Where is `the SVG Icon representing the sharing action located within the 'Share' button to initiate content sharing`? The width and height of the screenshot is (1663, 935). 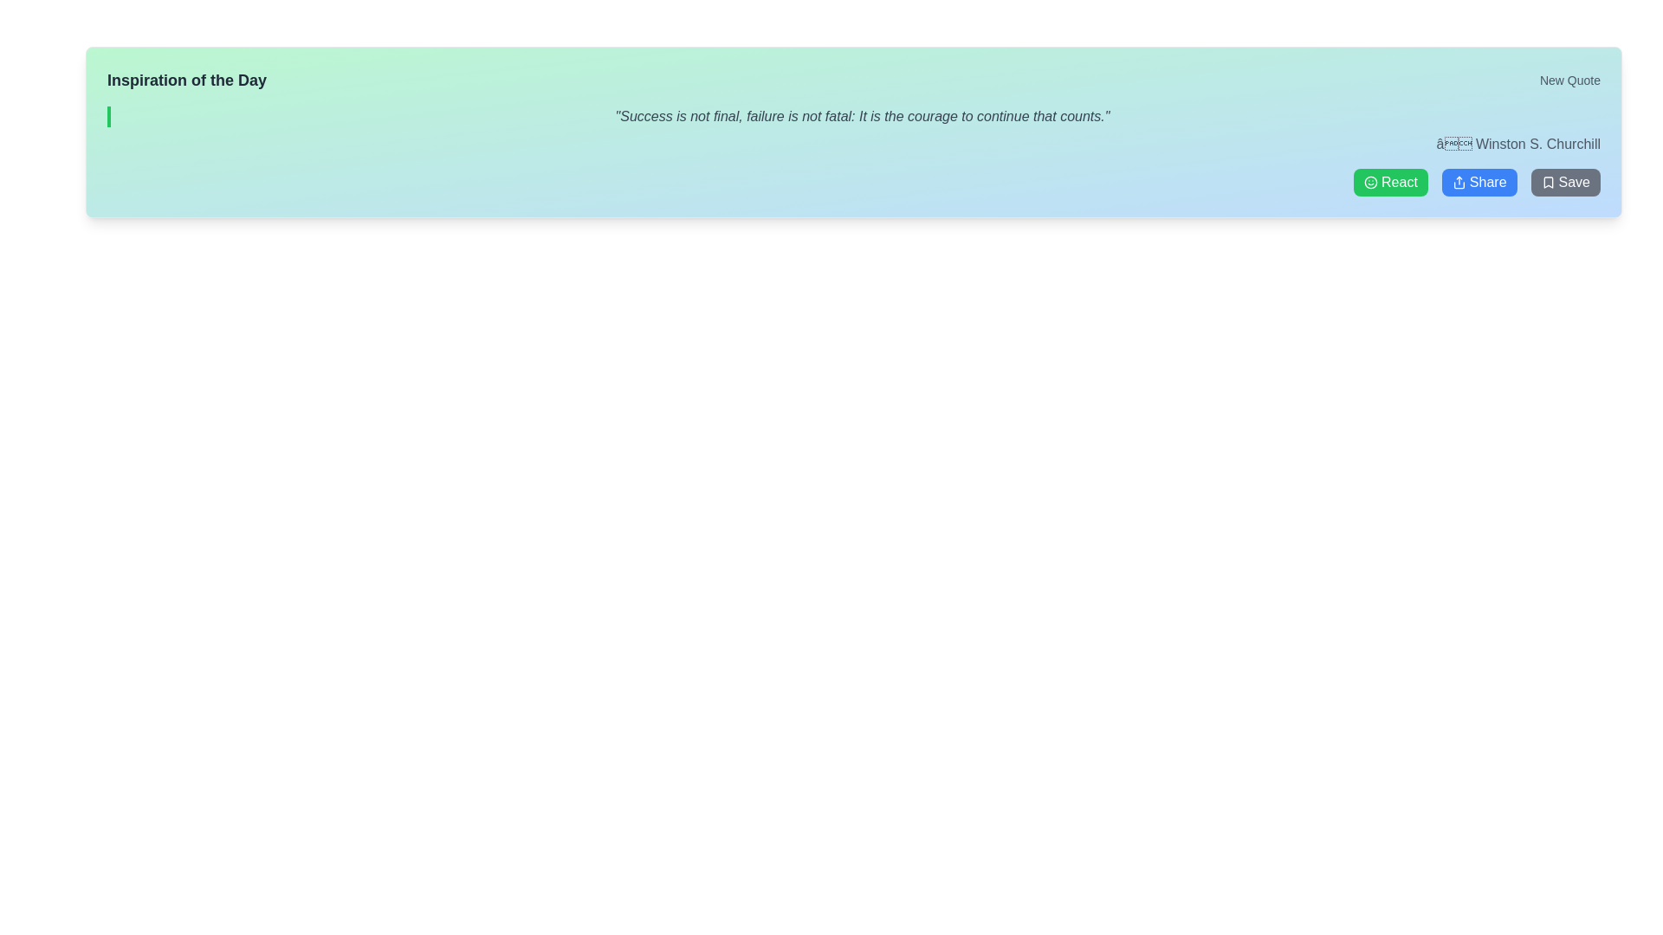 the SVG Icon representing the sharing action located within the 'Share' button to initiate content sharing is located at coordinates (1458, 183).